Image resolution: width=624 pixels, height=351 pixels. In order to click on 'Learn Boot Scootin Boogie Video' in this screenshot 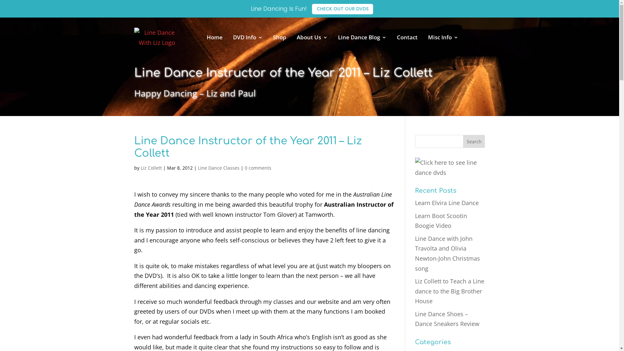, I will do `click(441, 220)`.